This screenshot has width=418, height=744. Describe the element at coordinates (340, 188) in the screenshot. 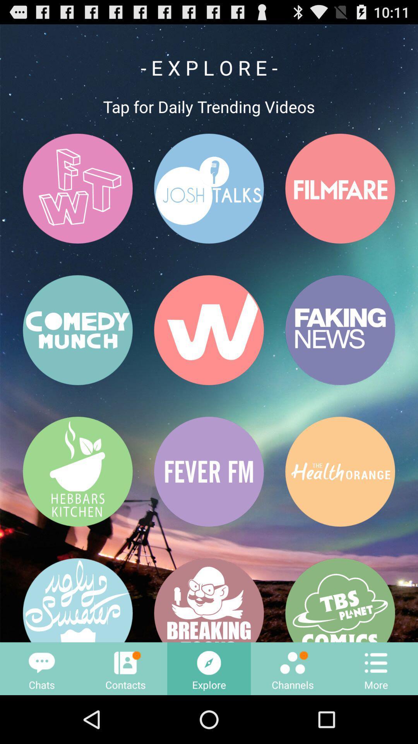

I see `the button that having a text filmfare` at that location.